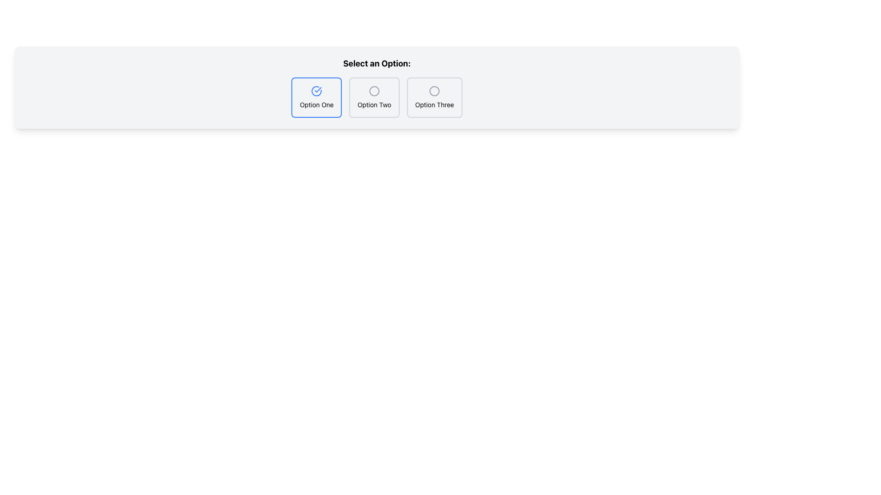  What do you see at coordinates (434, 91) in the screenshot?
I see `the selection marker icon for the 'Option Three' button` at bounding box center [434, 91].